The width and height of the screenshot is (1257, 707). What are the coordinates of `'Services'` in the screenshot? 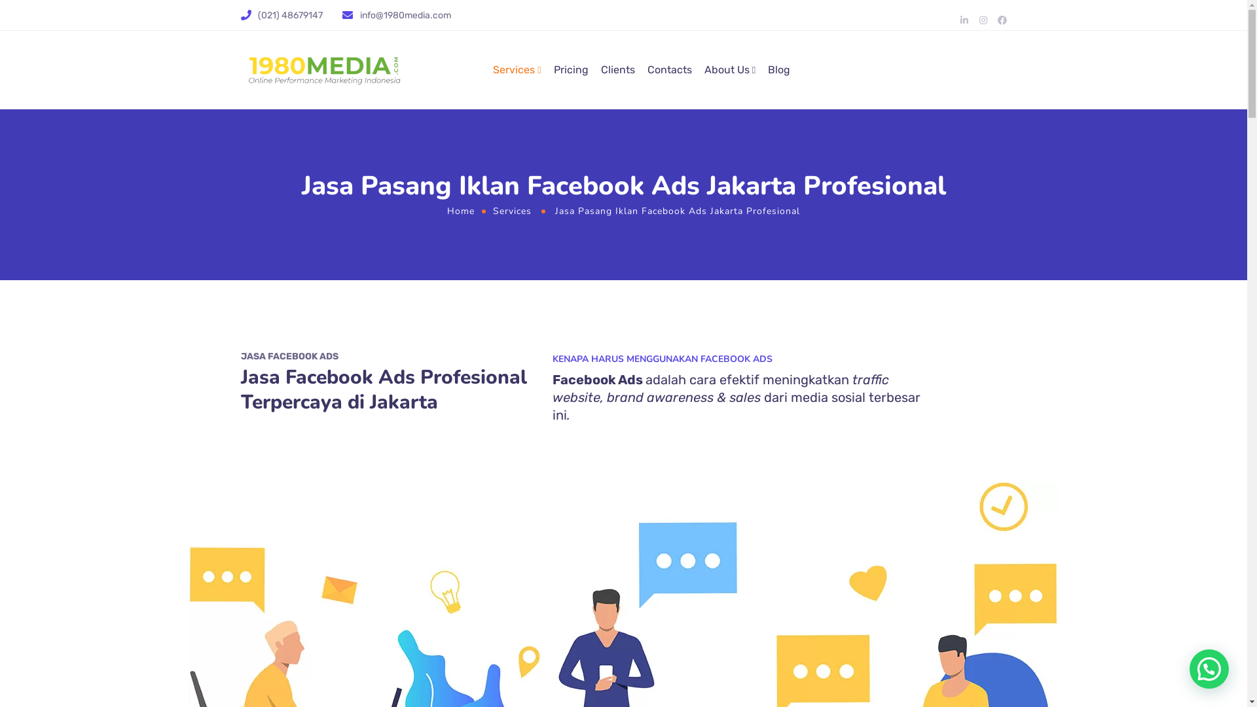 It's located at (492, 209).